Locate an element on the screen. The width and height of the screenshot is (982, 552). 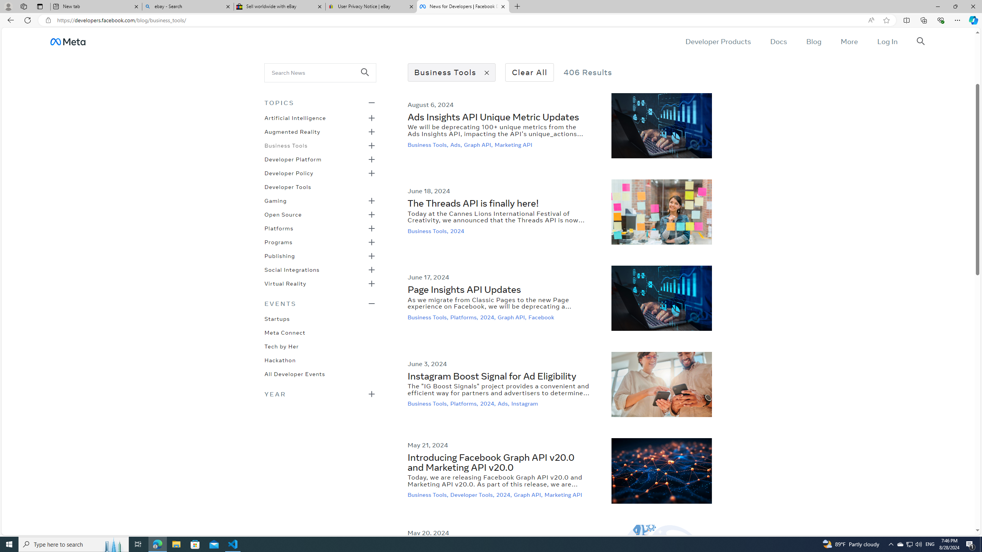
'Virtual Reality' is located at coordinates (285, 282).